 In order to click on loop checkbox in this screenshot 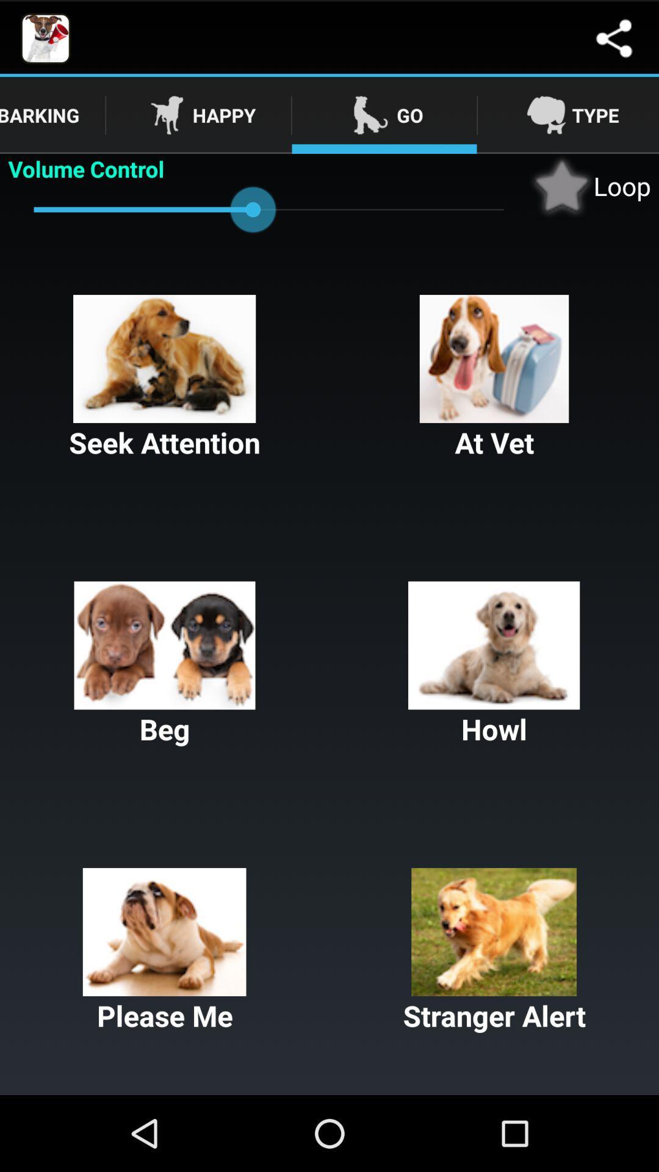, I will do `click(589, 185)`.